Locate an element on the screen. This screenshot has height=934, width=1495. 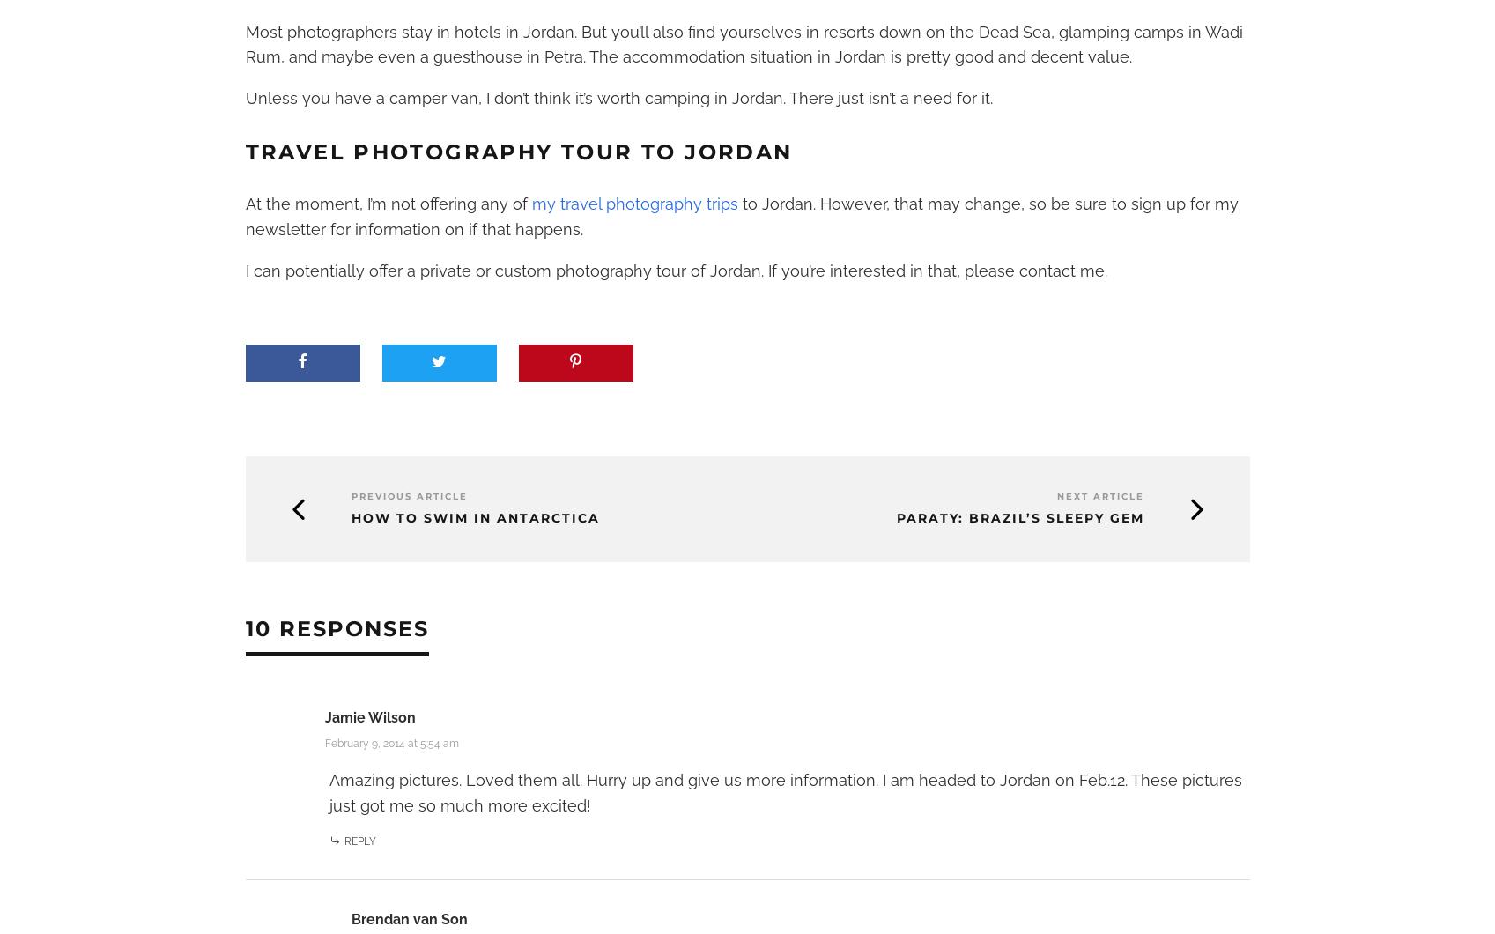
'Brendan van Son' is located at coordinates (408, 917).